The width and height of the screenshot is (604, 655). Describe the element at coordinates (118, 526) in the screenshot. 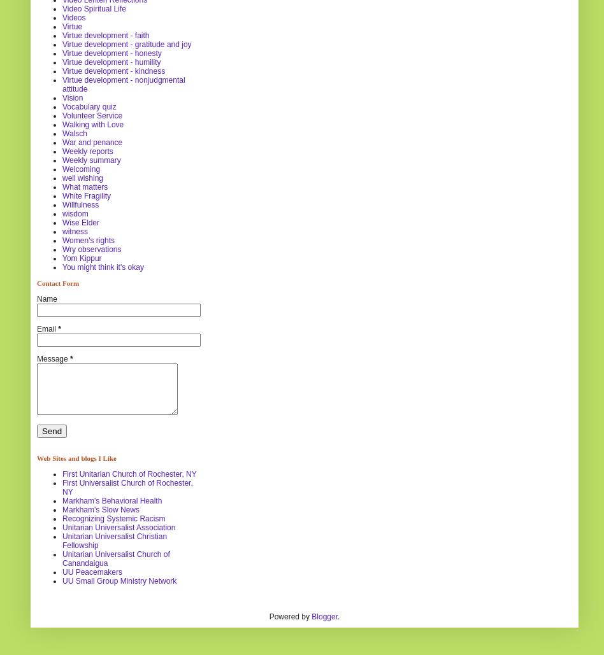

I see `'Unitarian Universalist Association'` at that location.